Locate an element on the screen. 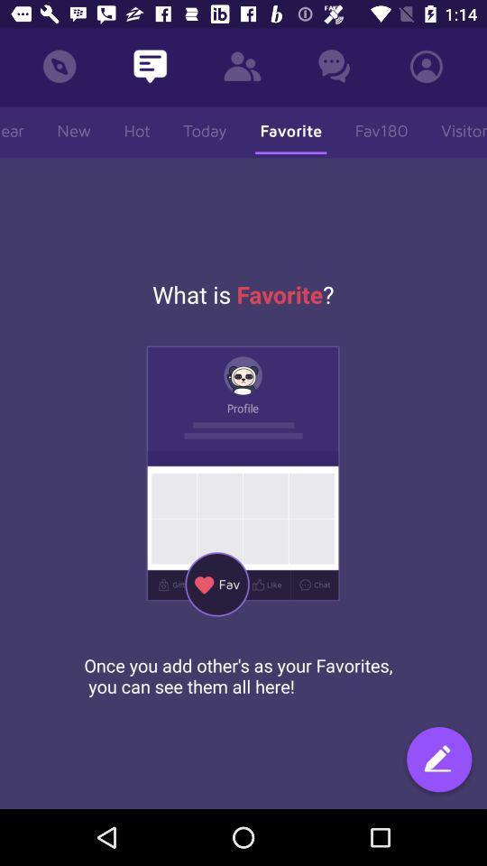 Image resolution: width=487 pixels, height=866 pixels. to write is located at coordinates (438, 760).